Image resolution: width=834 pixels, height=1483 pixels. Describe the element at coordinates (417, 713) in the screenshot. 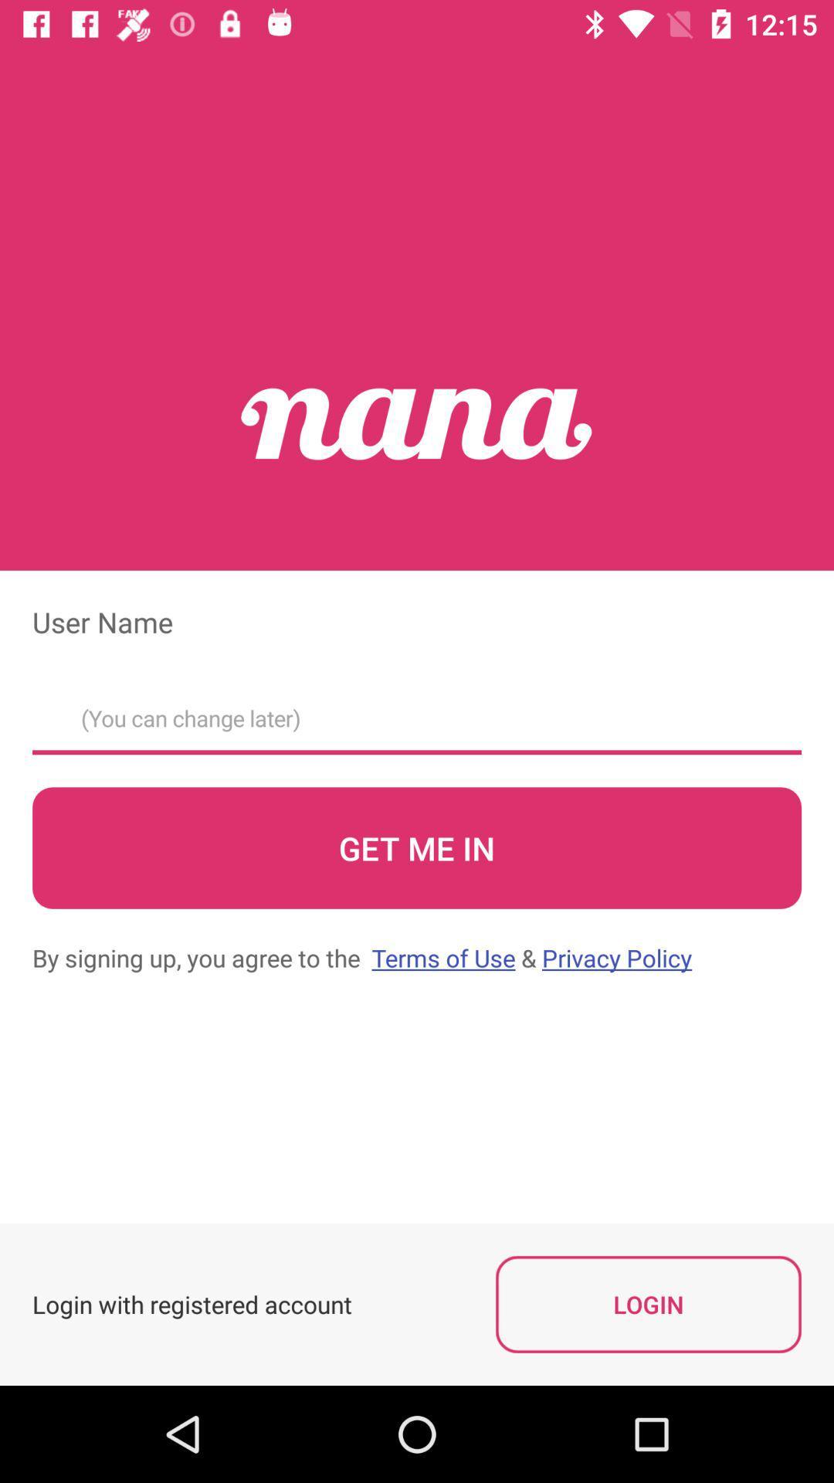

I see `username` at that location.